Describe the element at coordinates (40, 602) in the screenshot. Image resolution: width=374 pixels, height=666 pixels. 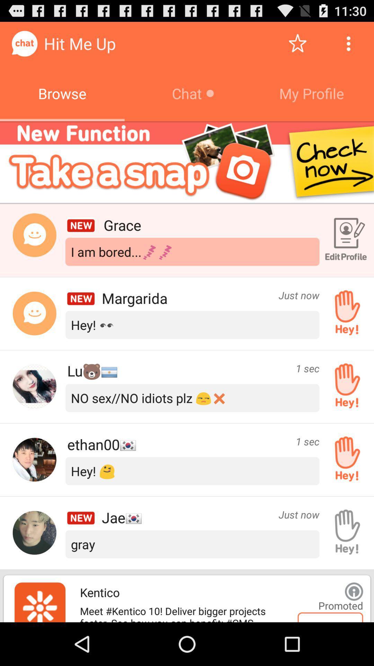
I see `advertisement` at that location.